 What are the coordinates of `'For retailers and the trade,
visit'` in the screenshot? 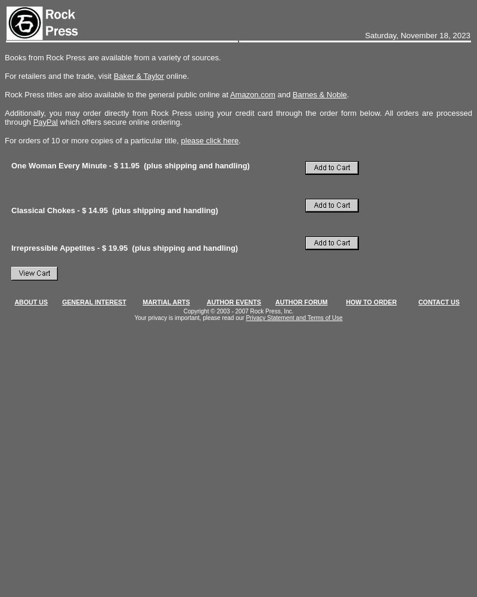 It's located at (58, 76).